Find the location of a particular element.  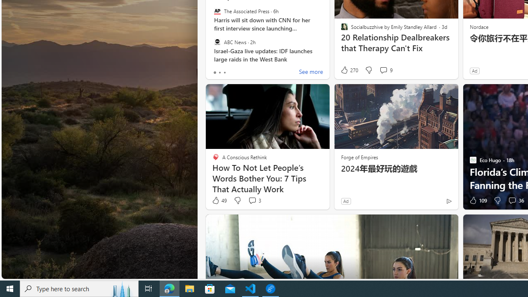

'Forge of Empires' is located at coordinates (359, 157).